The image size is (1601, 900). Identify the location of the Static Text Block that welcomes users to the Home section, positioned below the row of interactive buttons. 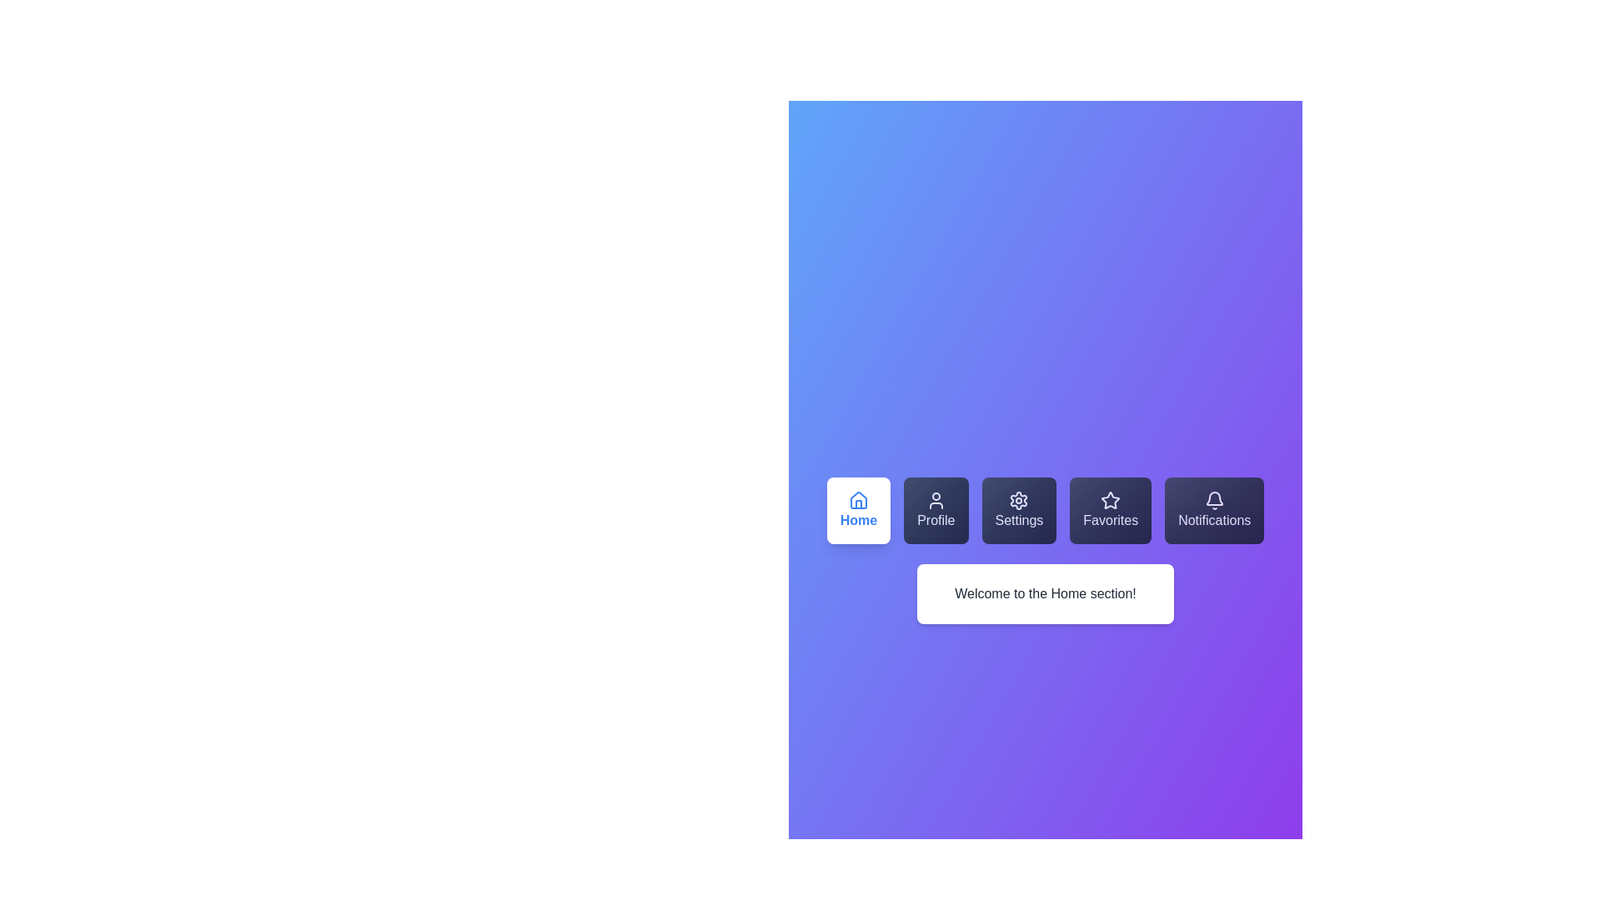
(1044, 593).